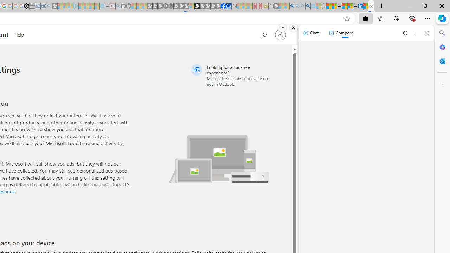  I want to click on 'Bing AI - Search', so click(292, 6).